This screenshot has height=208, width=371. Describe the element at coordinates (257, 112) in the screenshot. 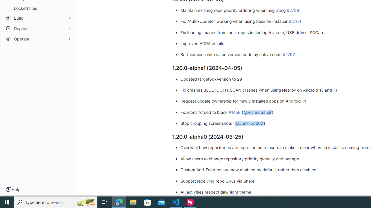

I see `'@VishnuSanal'` at that location.